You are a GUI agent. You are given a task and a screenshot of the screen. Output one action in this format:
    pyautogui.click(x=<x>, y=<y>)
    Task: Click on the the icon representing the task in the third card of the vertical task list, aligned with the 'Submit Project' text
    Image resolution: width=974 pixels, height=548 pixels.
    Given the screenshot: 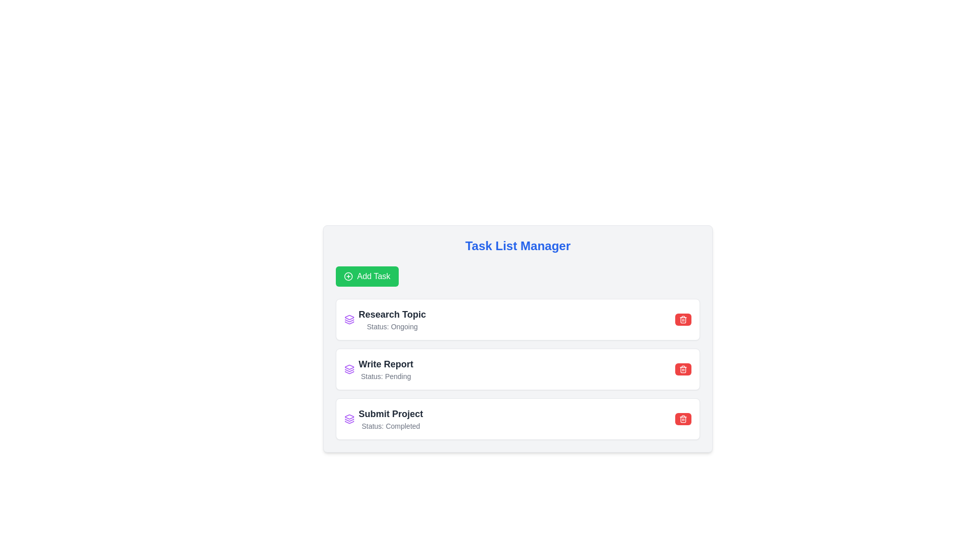 What is the action you would take?
    pyautogui.click(x=350, y=419)
    